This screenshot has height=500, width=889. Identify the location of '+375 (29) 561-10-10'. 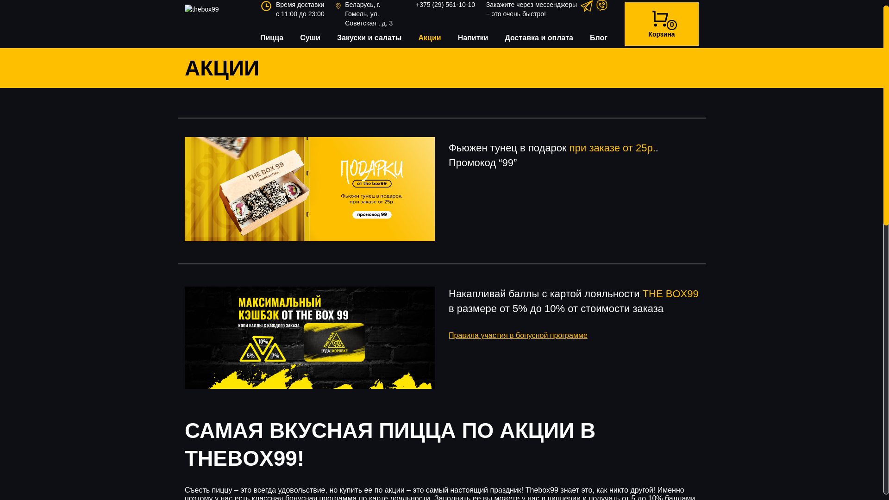
(415, 5).